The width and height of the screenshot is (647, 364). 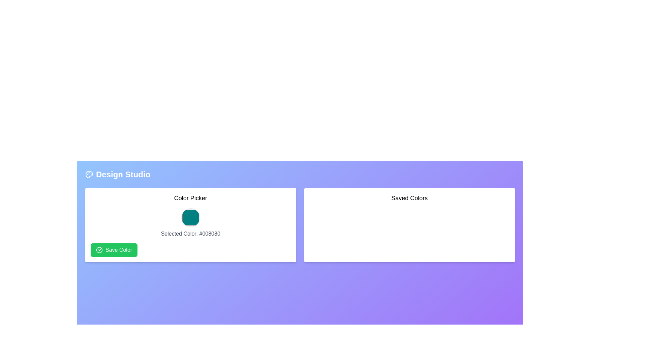 I want to click on the static text header indicating the purpose of the associated panel displaying saved colors, so click(x=409, y=198).